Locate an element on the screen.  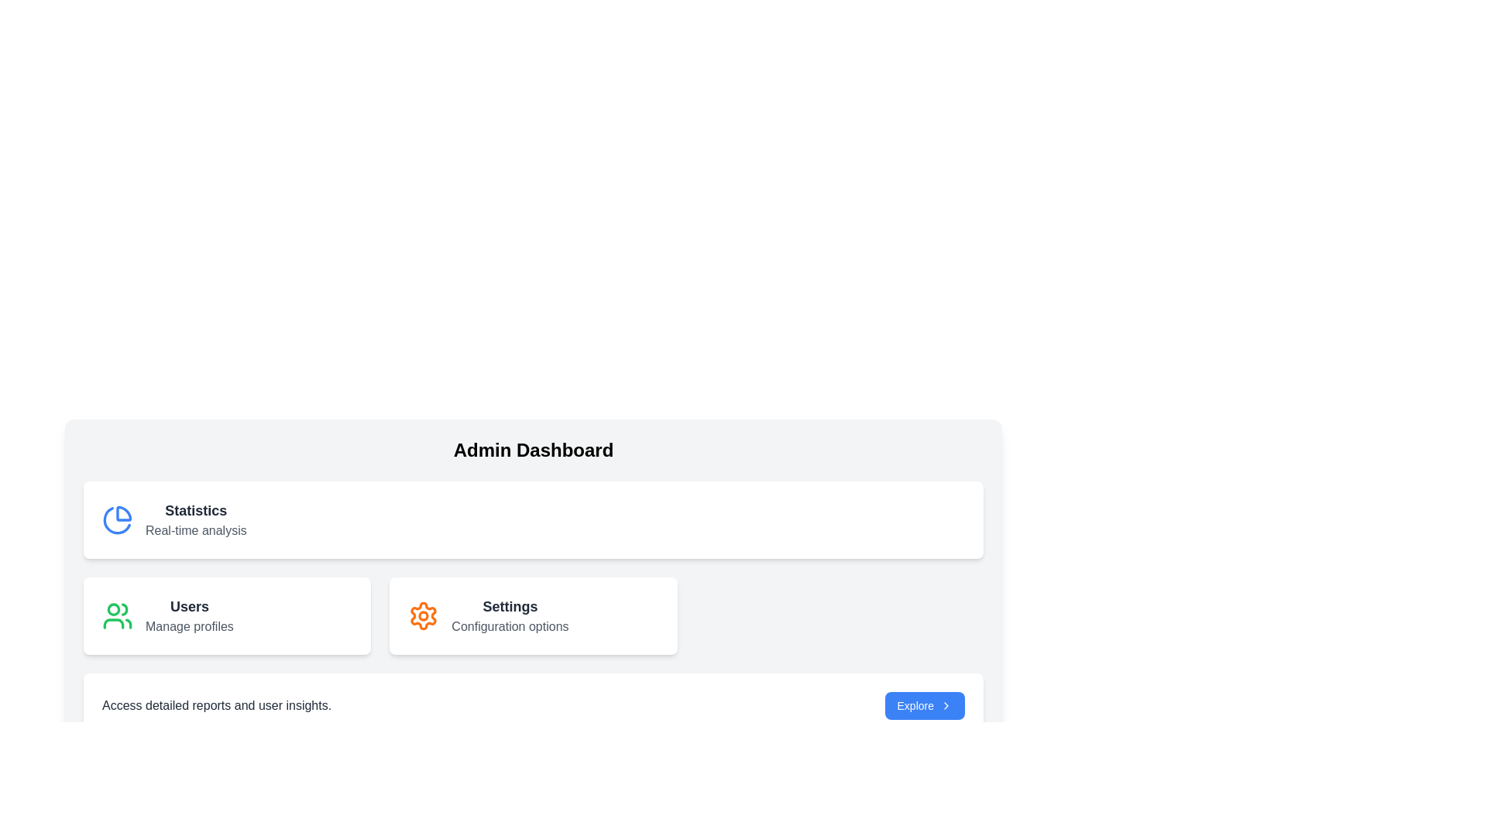
the 'Settings' label in the admin dashboard is located at coordinates (510, 615).